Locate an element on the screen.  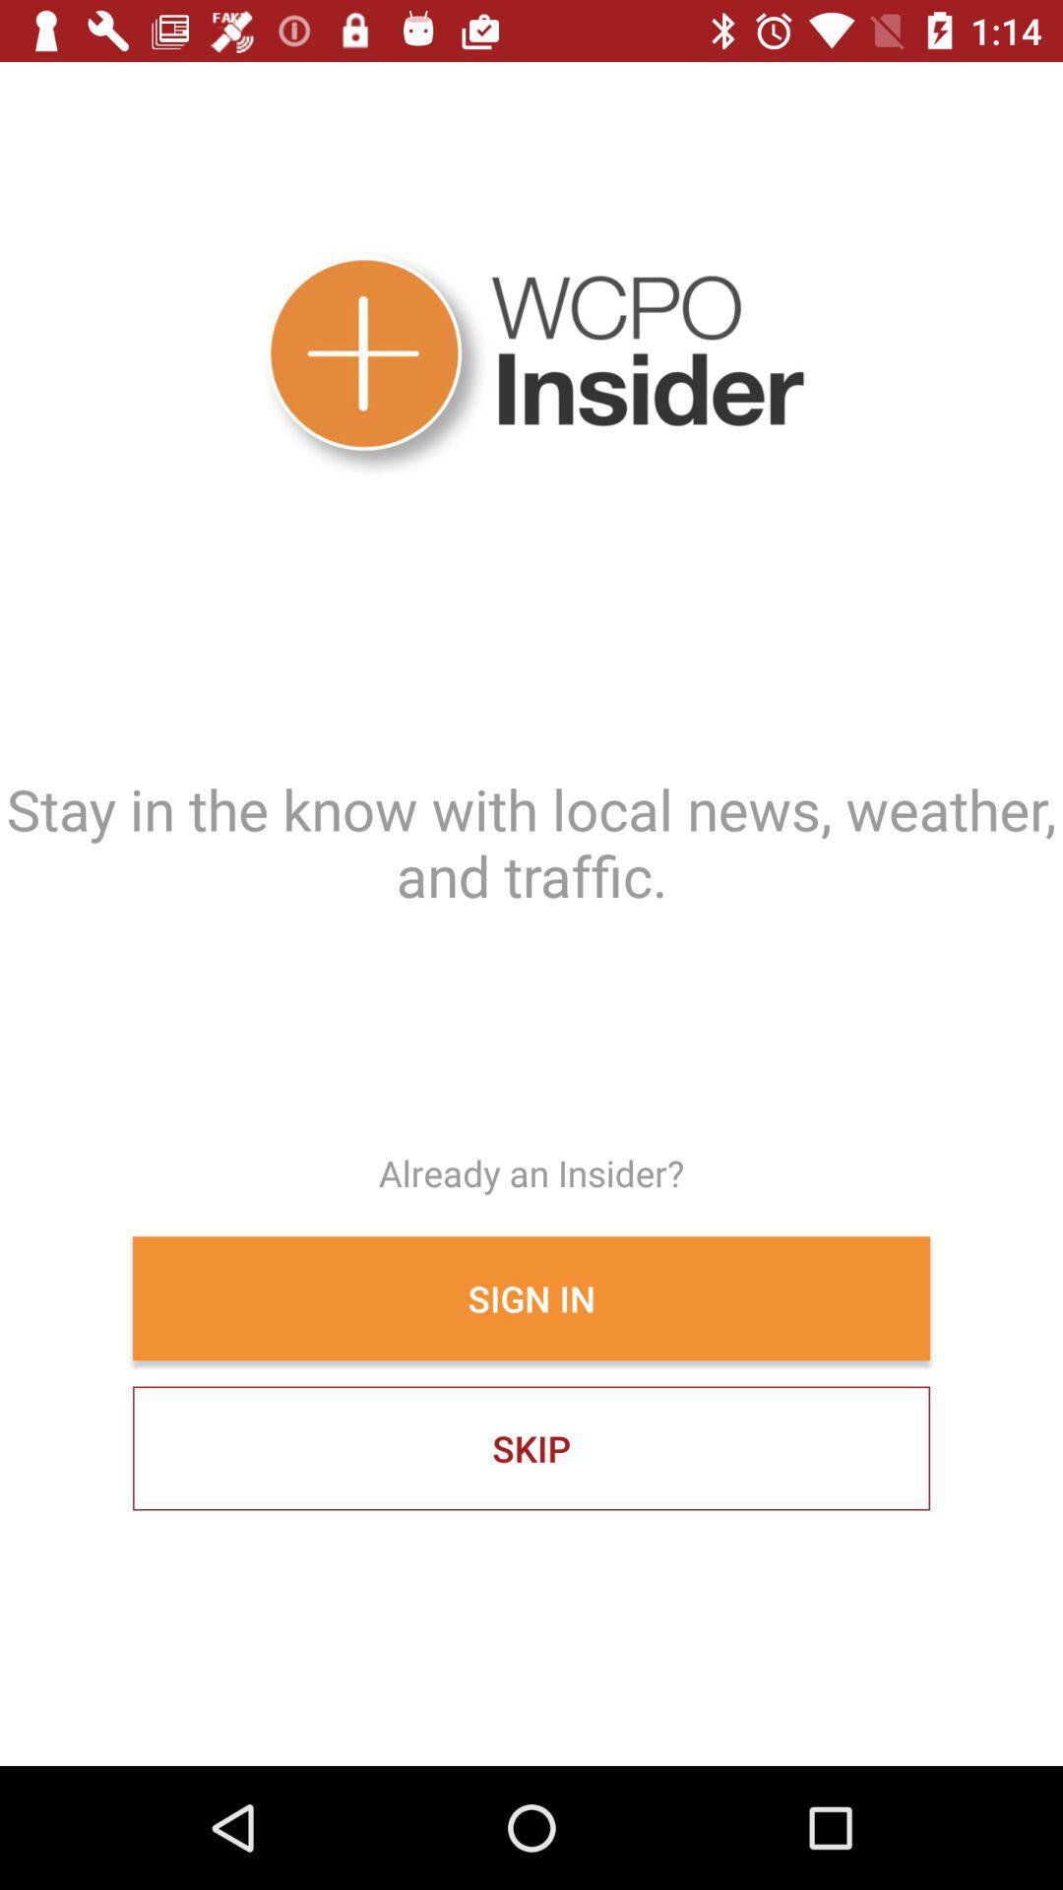
icon below the sign in is located at coordinates (531, 1448).